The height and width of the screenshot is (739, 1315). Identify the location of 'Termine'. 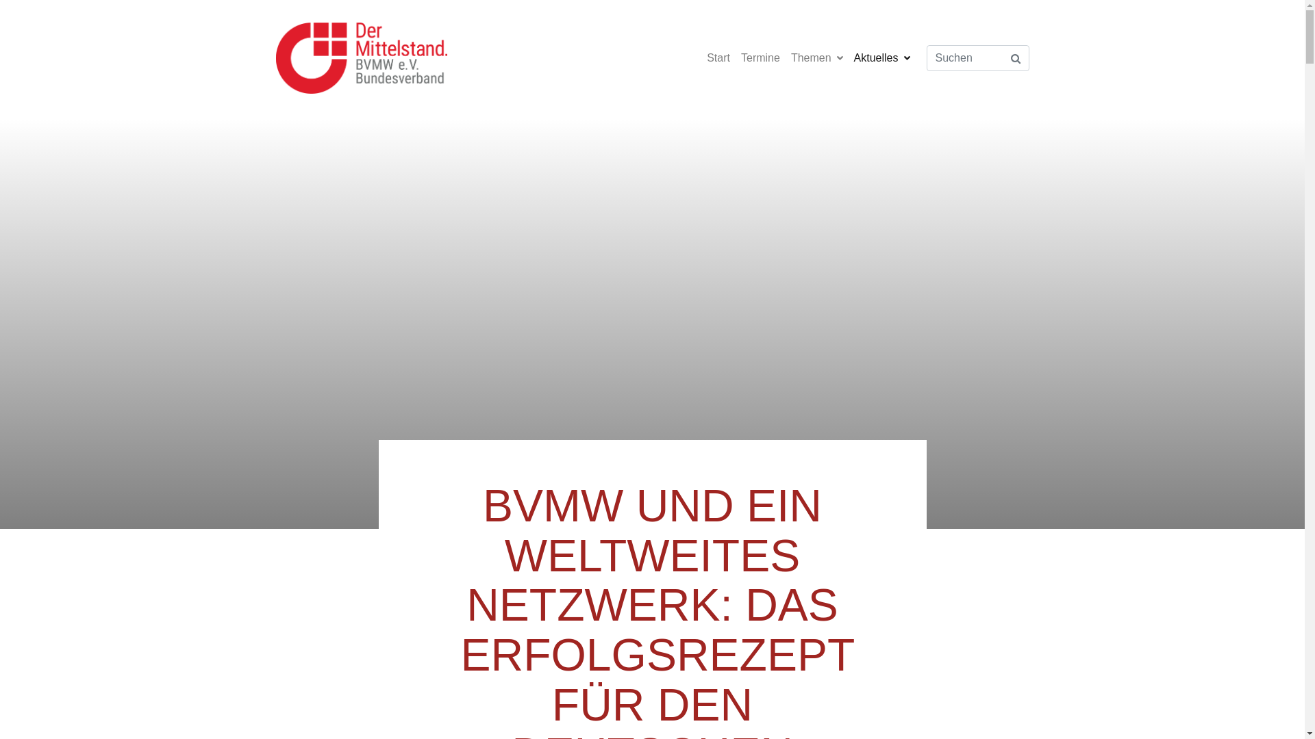
(760, 57).